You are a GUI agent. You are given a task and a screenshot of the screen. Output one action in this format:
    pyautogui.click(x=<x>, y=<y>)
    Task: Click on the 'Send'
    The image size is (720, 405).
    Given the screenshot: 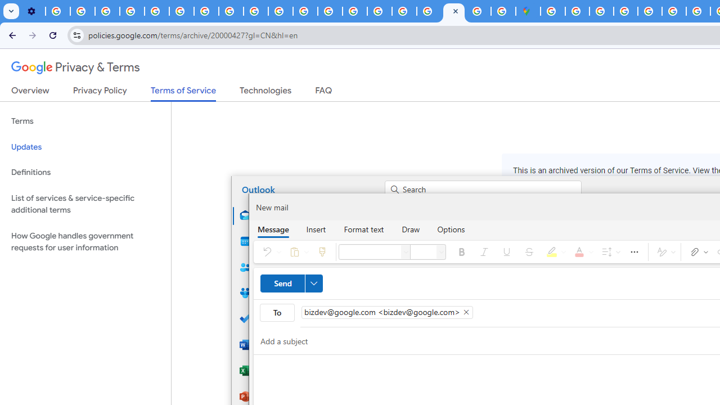 What is the action you would take?
    pyautogui.click(x=291, y=282)
    